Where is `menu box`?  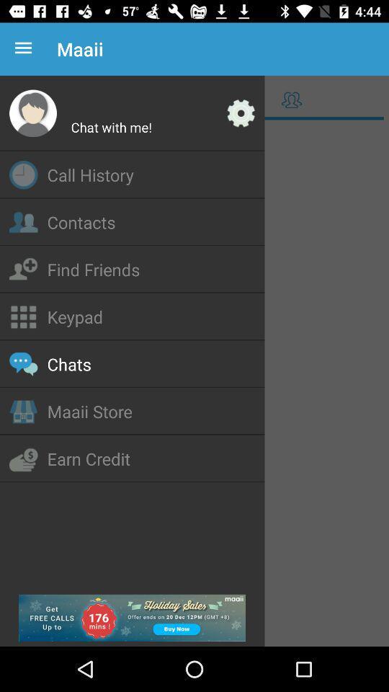
menu box is located at coordinates (194, 383).